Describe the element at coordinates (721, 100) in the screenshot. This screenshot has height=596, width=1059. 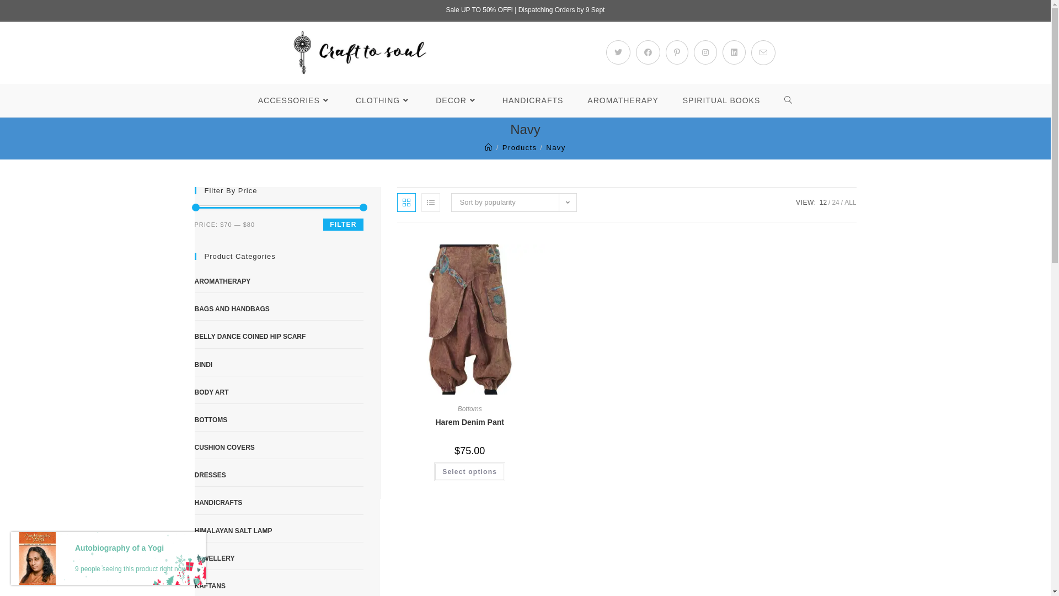
I see `'SPIRITUAL BOOKS'` at that location.